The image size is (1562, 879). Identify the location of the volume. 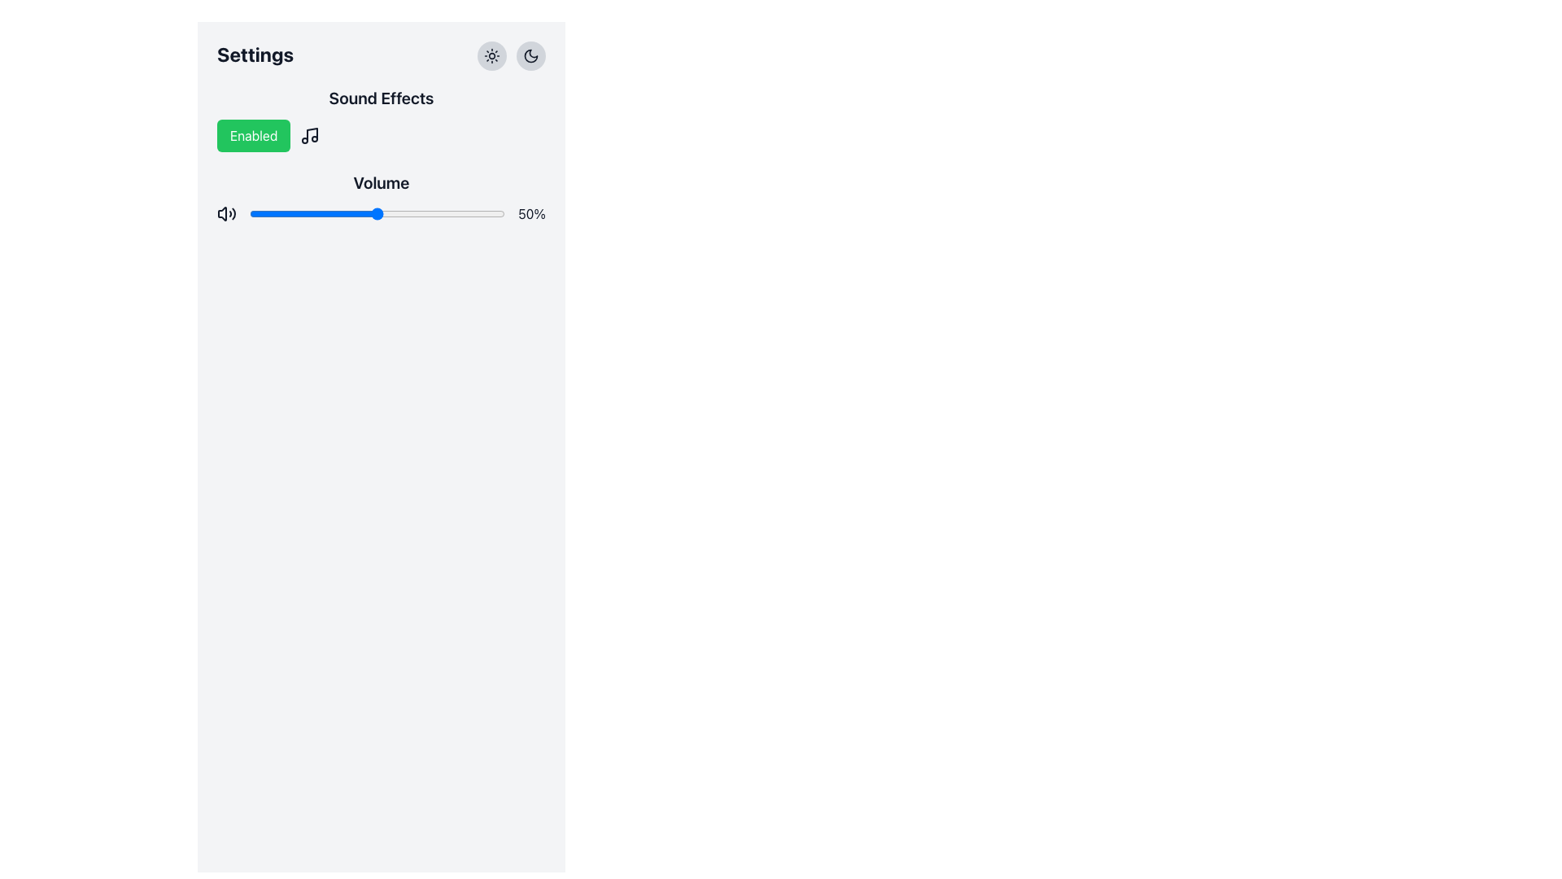
(341, 212).